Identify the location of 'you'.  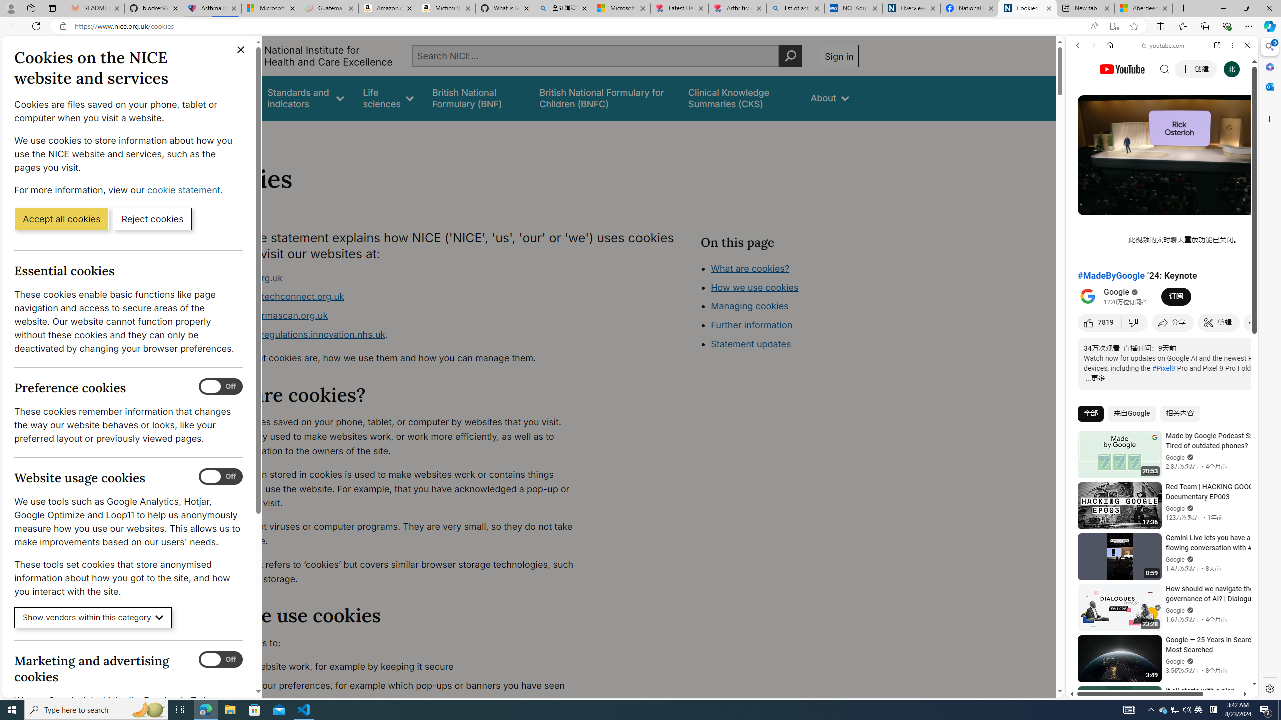
(1158, 664).